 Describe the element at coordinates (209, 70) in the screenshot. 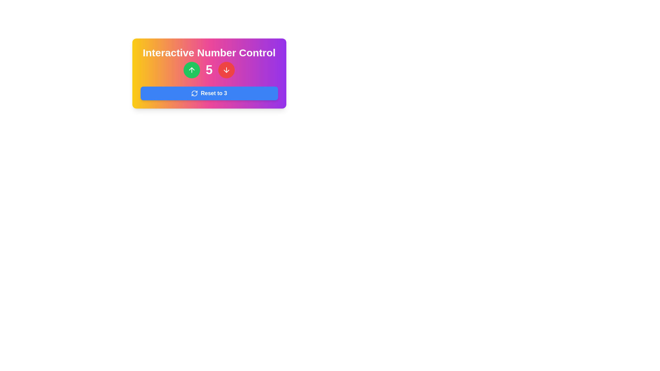

I see `the Text Display element showing the current value of the counter, which displays the numeral '5' located between an upward green arrow button and a downward red arrow button` at that location.